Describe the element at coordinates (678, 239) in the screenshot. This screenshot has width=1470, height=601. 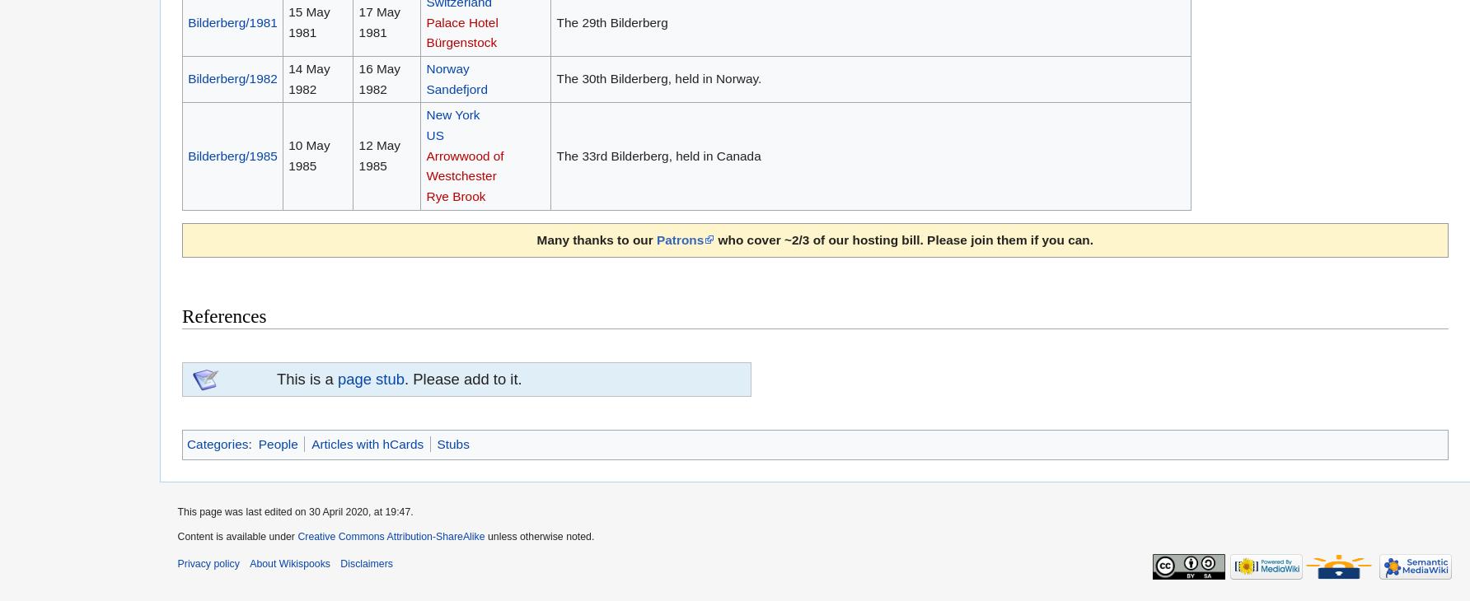
I see `'Patrons'` at that location.